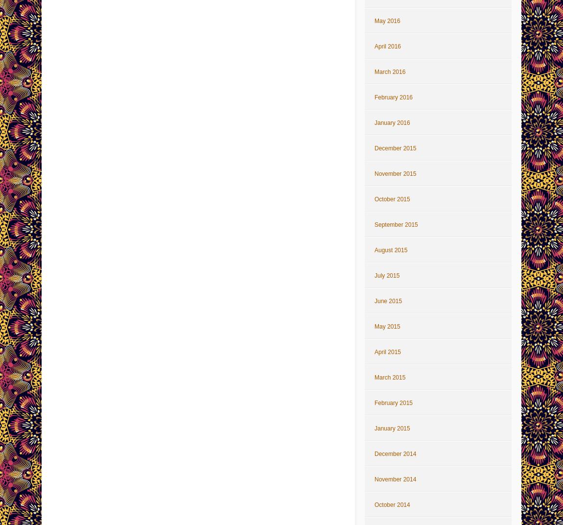 The height and width of the screenshot is (525, 563). What do you see at coordinates (386, 20) in the screenshot?
I see `'May 2016'` at bounding box center [386, 20].